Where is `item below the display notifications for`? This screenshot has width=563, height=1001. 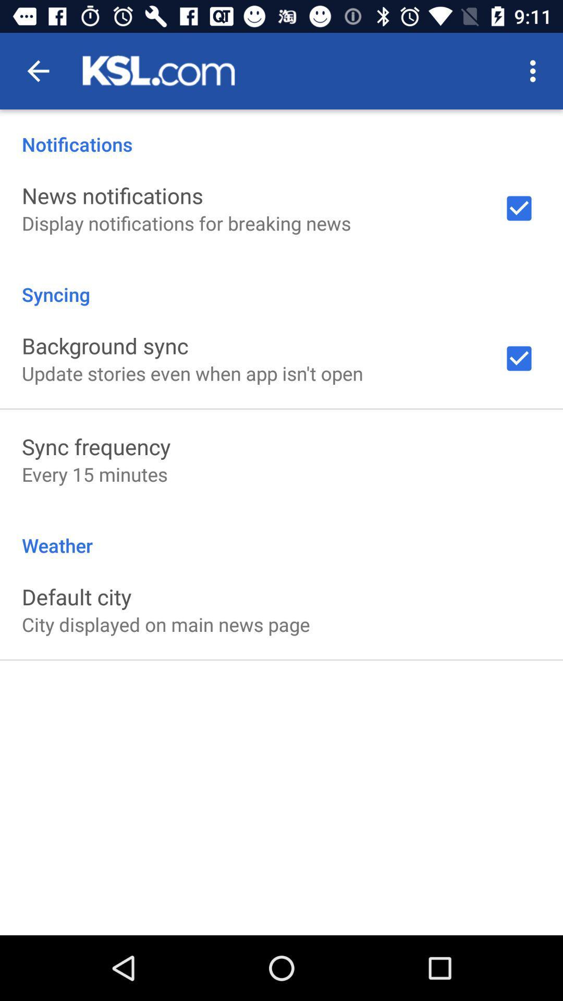
item below the display notifications for is located at coordinates (281, 283).